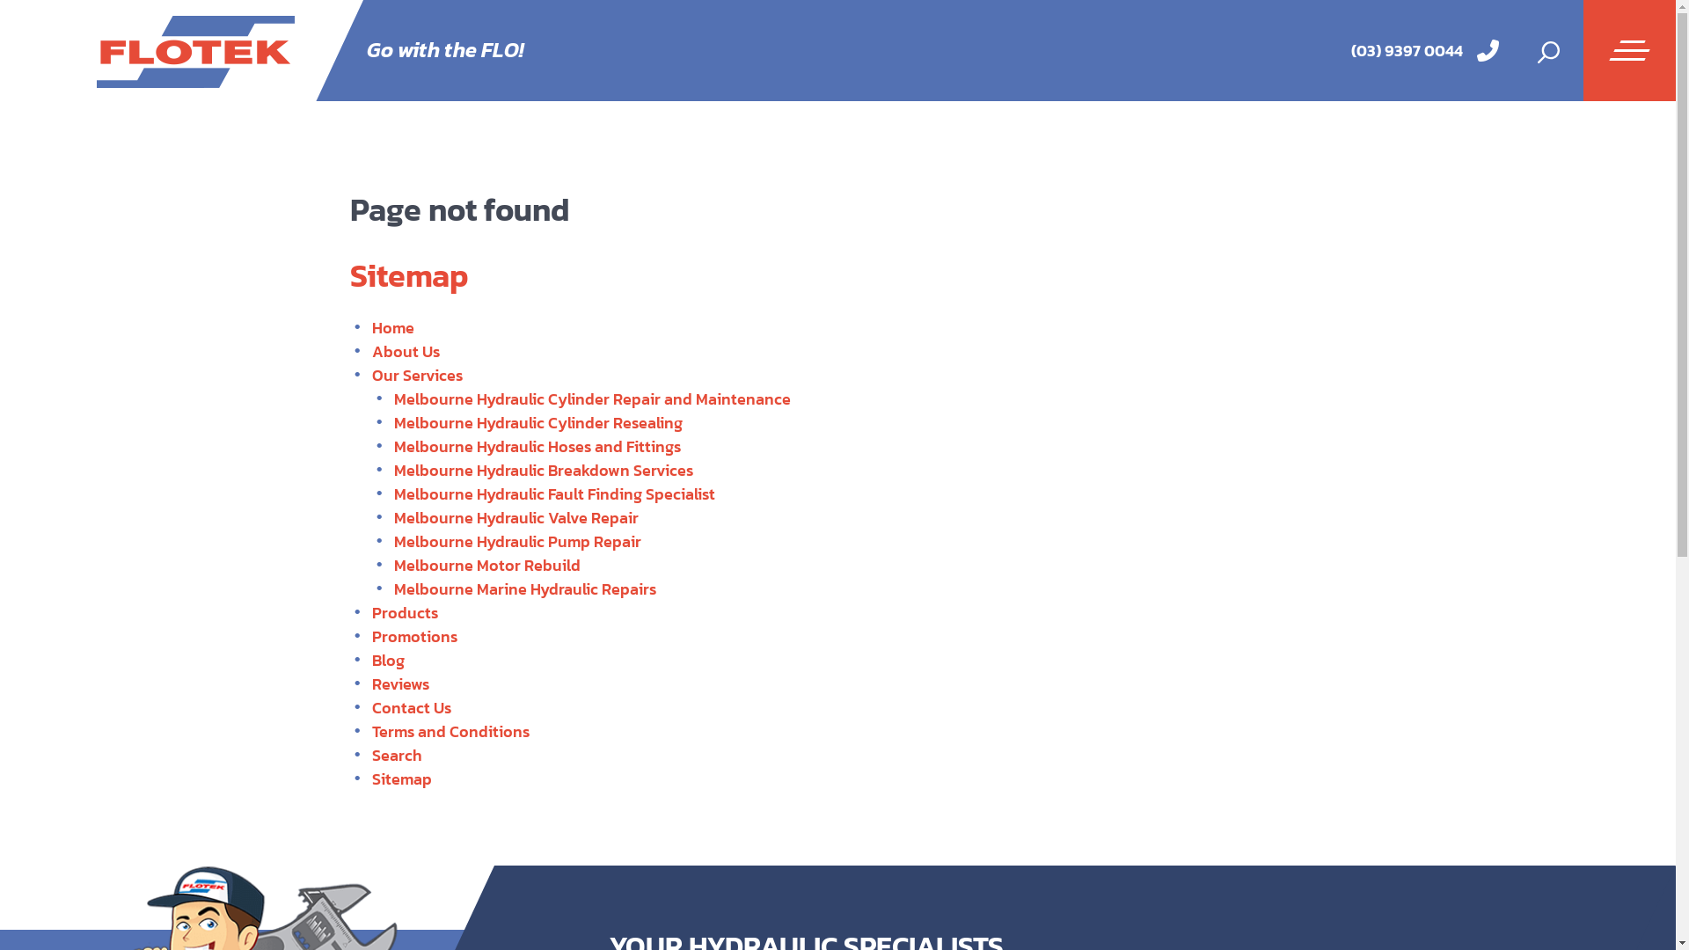  What do you see at coordinates (543, 469) in the screenshot?
I see `'Melbourne Hydraulic Breakdown Services'` at bounding box center [543, 469].